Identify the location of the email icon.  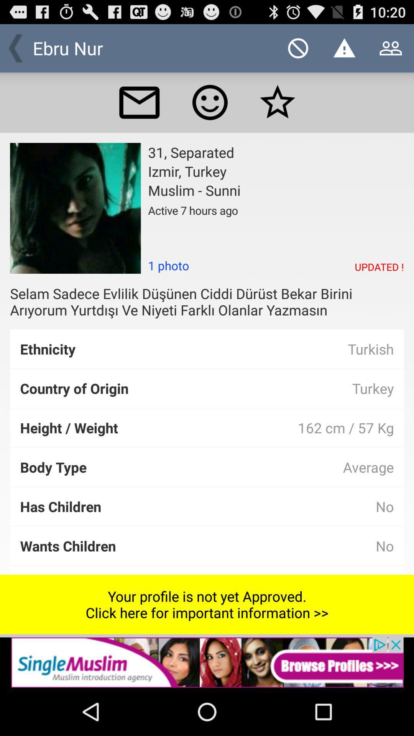
(139, 109).